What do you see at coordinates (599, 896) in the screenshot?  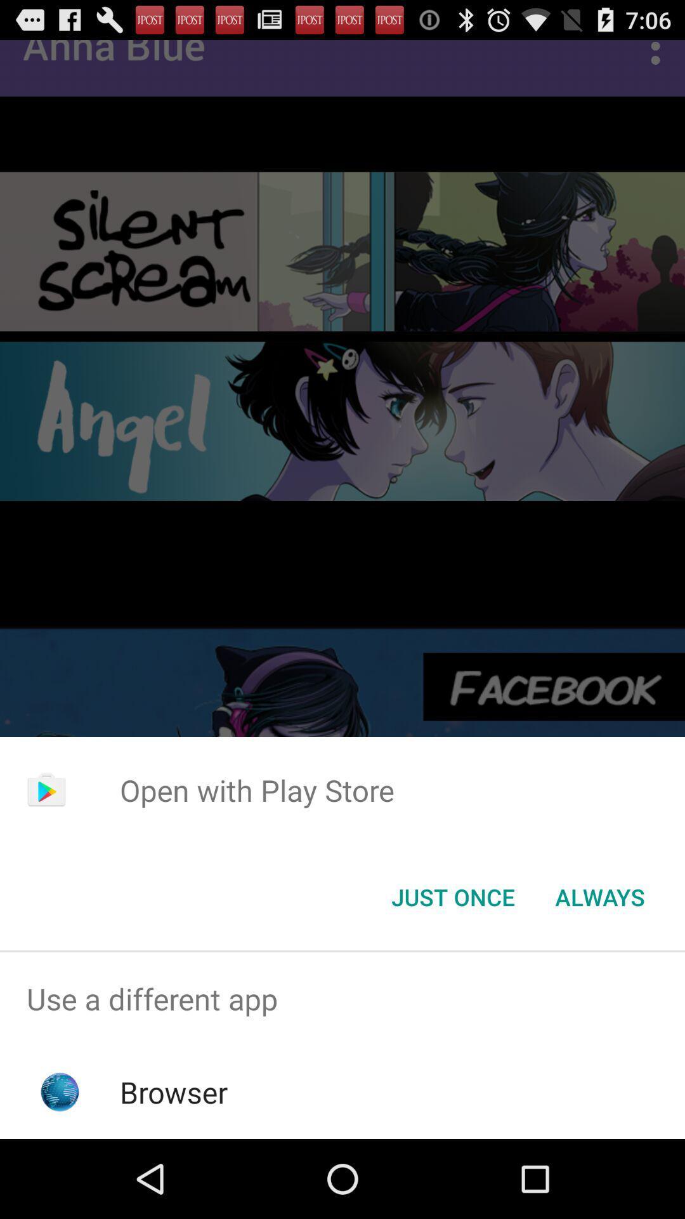 I see `item next to just once` at bounding box center [599, 896].